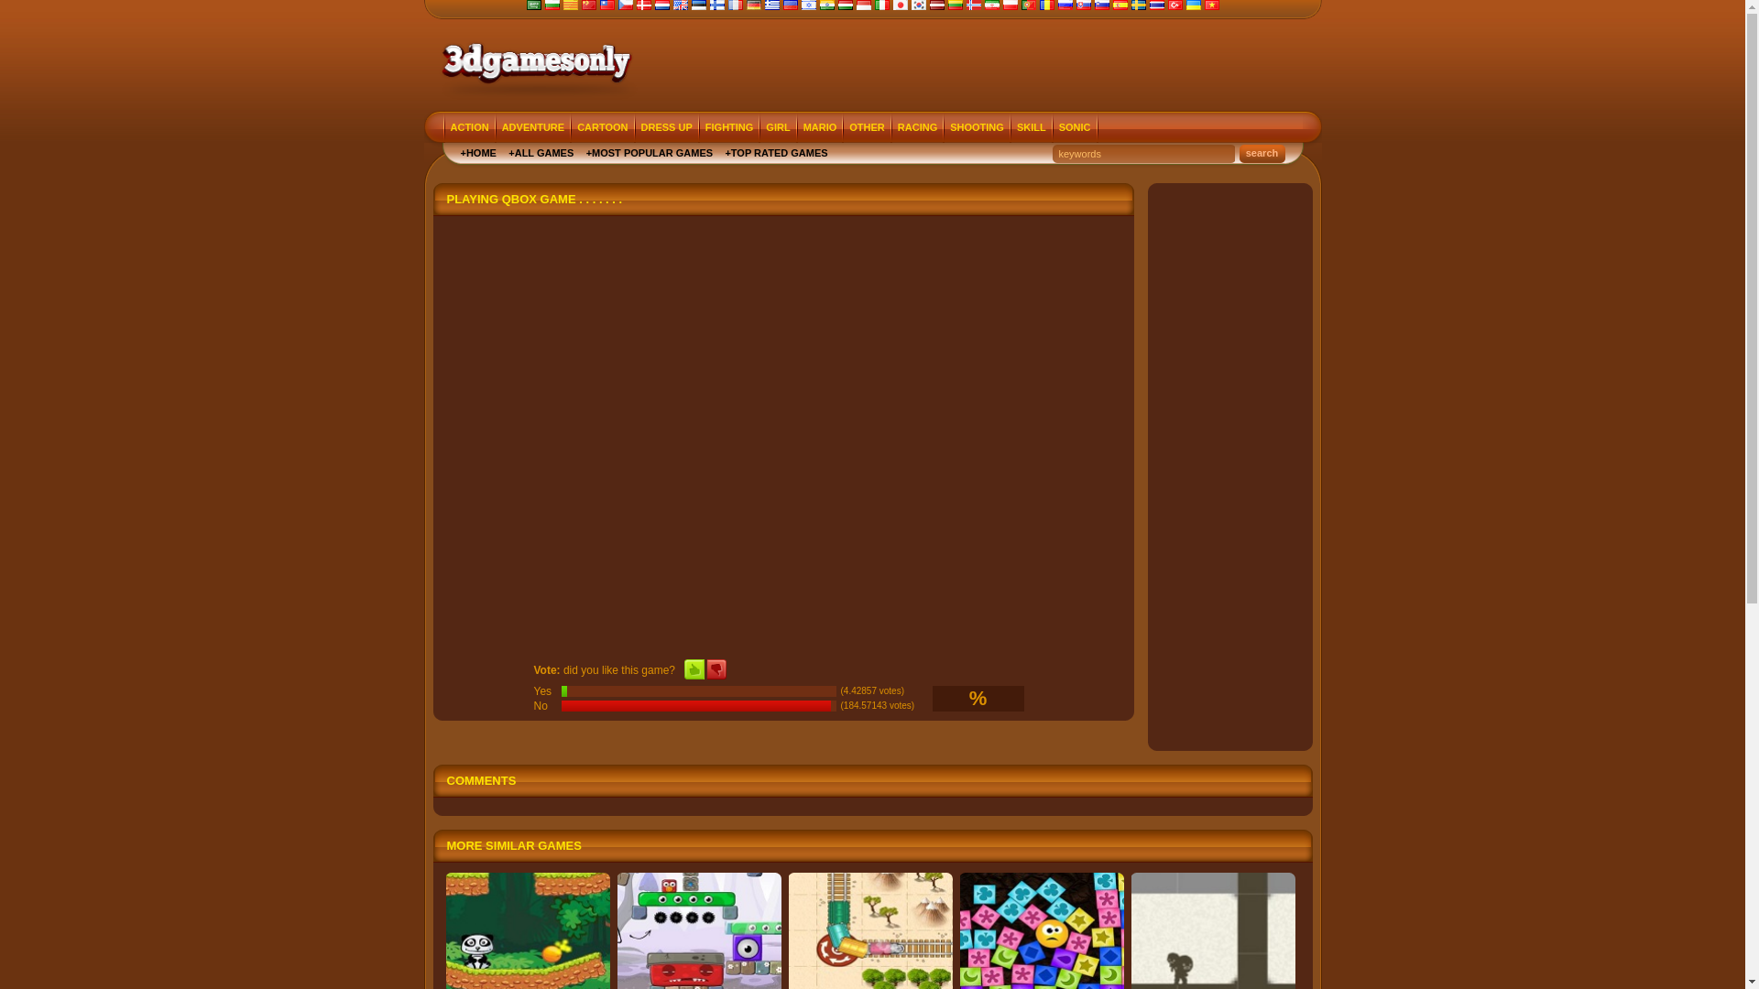  Describe the element at coordinates (571, 126) in the screenshot. I see `'CARTOON'` at that location.